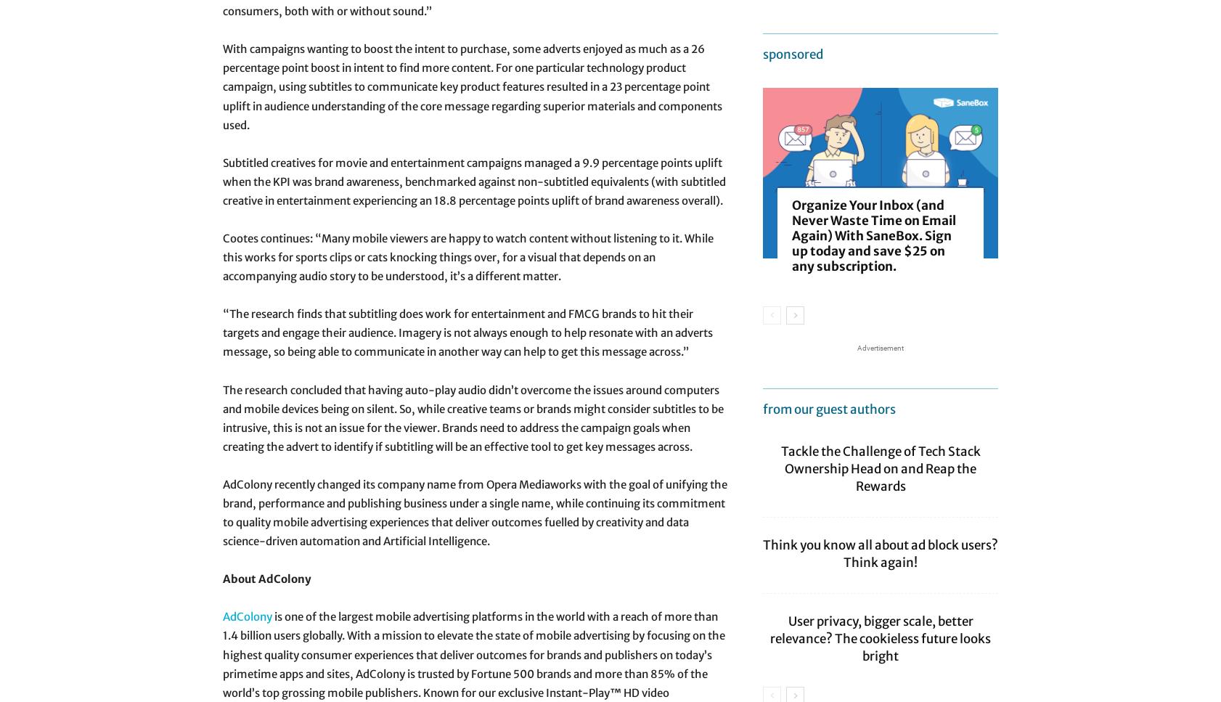 The height and width of the screenshot is (702, 1221). What do you see at coordinates (472, 86) in the screenshot?
I see `'With campaigns wanting to boost the intent to purchase, some adverts enjoyed as much as a 26 percentage point boost in intent to find more content. For one particular technology product campaign, using subtitles to communicate key product features resulted in a 23 percentage point uplift in audience understanding of the core message regarding superior materials and components used.'` at bounding box center [472, 86].